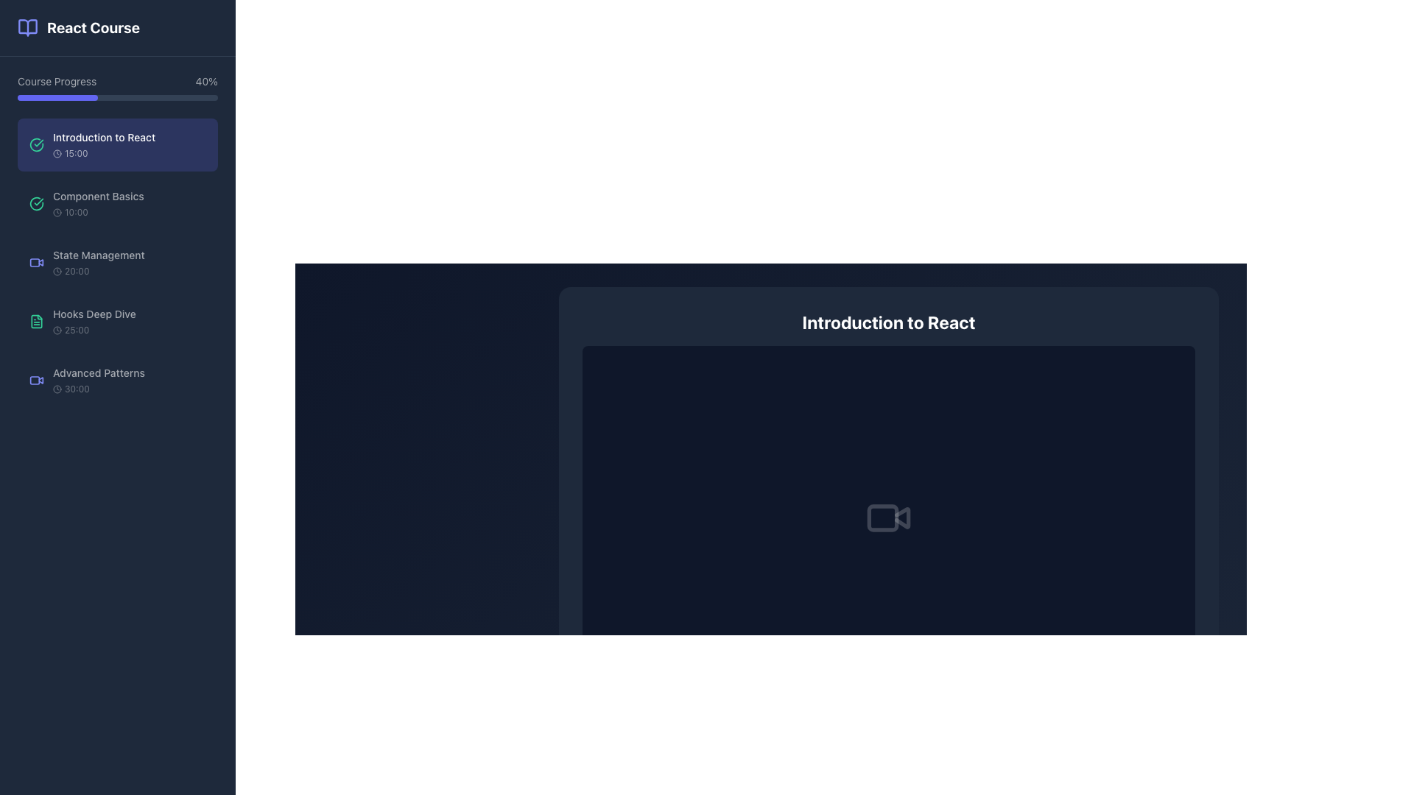  Describe the element at coordinates (116, 262) in the screenshot. I see `the 'State Management' button in the 'React Course' sidebar` at that location.